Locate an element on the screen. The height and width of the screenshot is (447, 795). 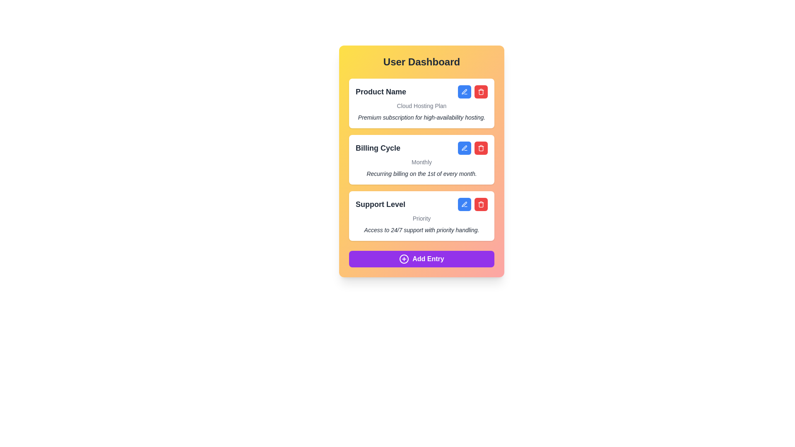
the trash can icon button with a red background, located to the right of the blue edit icon in the control row next to the 'Product Name' entry is located at coordinates (481, 92).